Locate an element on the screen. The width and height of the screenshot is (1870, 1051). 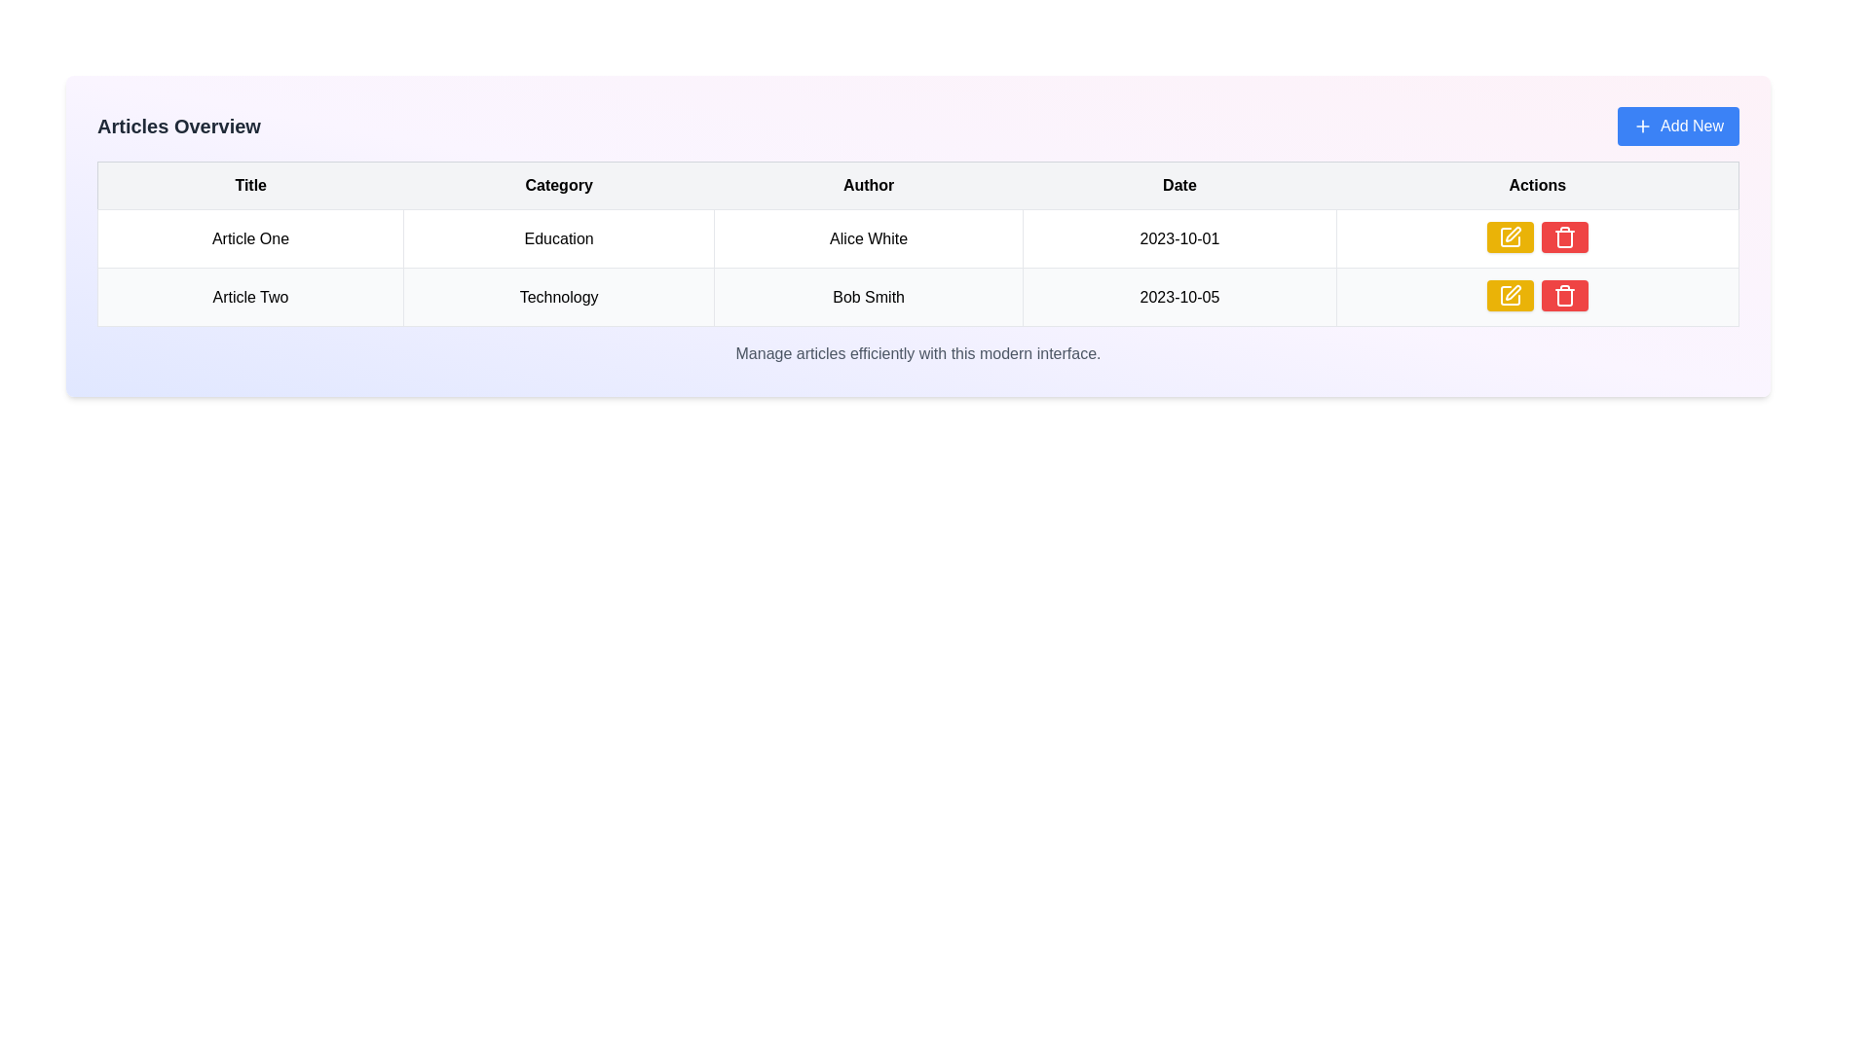
the edit icon within the yellow button located in the 'Actions' column of the second row in the table to initiate the edit action for the corresponding entry is located at coordinates (1509, 296).